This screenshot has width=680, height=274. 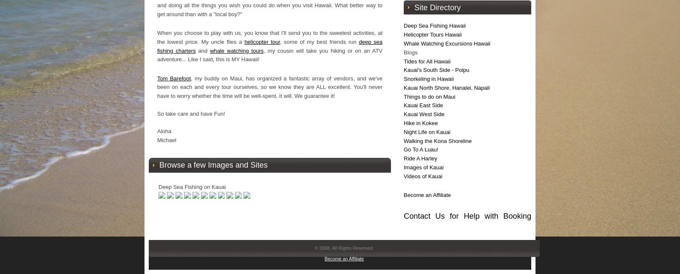 I want to click on 'Tides for All Hawaii', so click(x=403, y=61).